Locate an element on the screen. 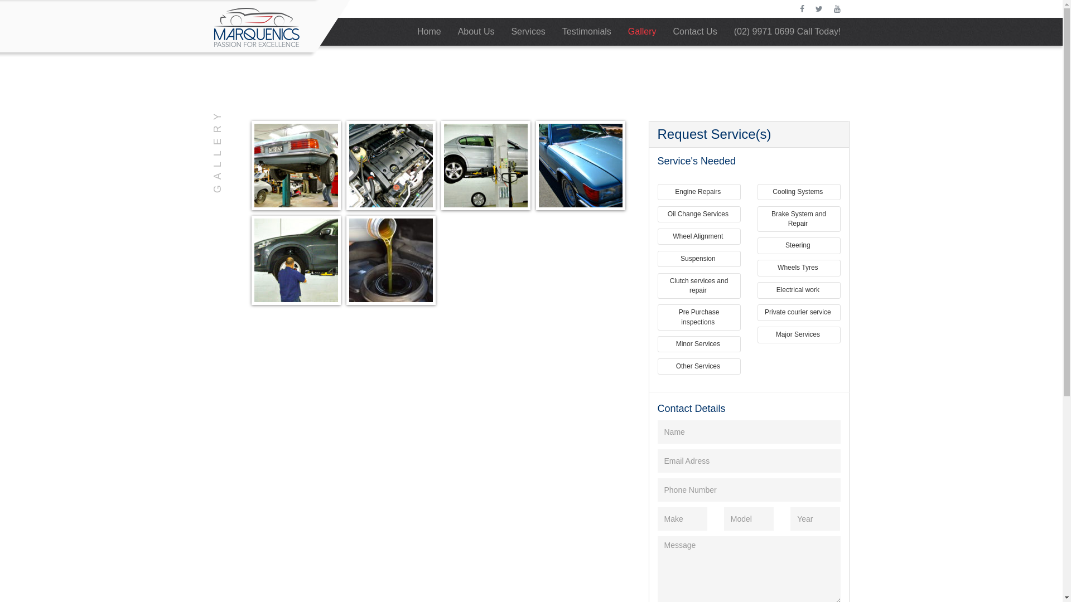  'Contact Us' is located at coordinates (694, 31).